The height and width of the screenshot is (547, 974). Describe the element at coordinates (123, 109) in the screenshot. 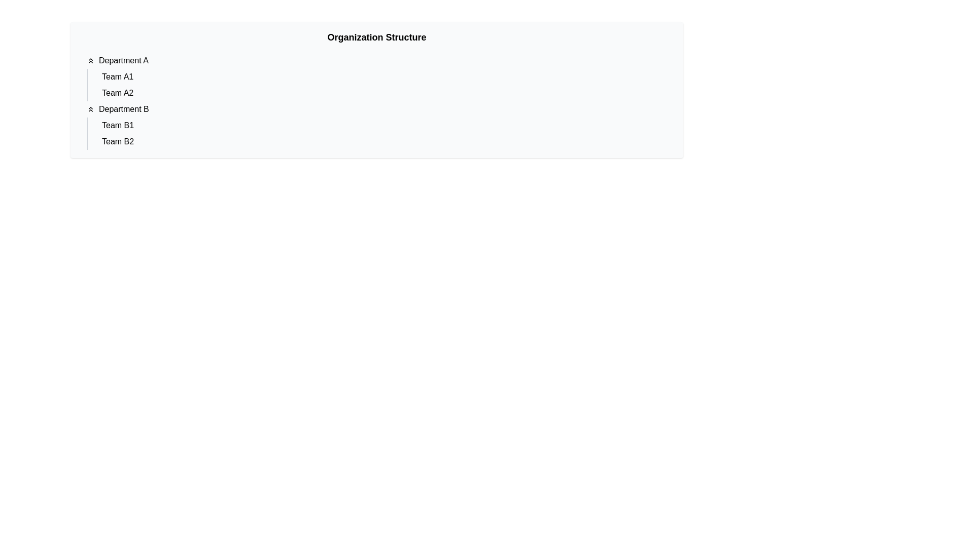

I see `the text label displaying 'Department B' to focus on this department` at that location.